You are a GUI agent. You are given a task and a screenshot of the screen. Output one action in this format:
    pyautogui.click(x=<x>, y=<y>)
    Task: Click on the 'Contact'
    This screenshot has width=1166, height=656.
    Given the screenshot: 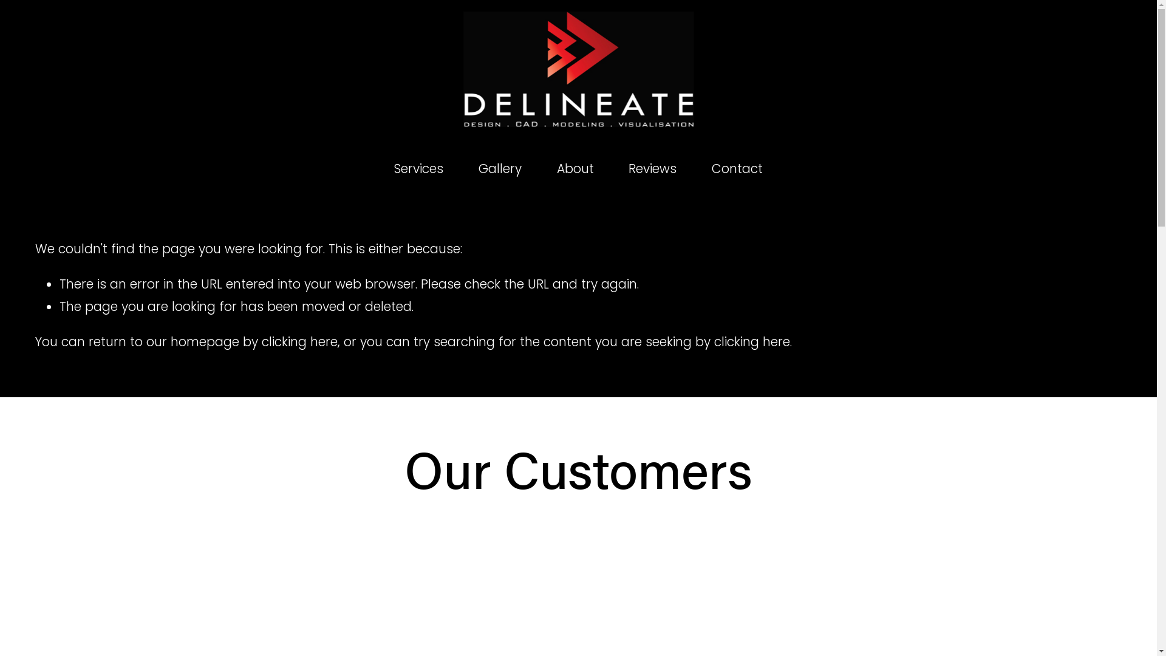 What is the action you would take?
    pyautogui.click(x=737, y=168)
    